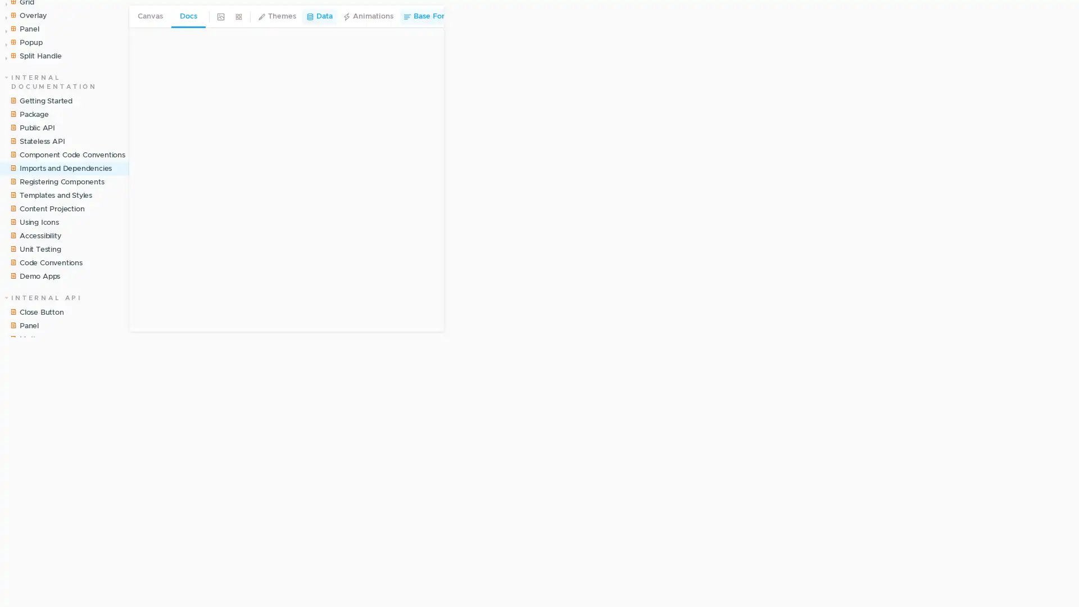 The image size is (1079, 607). I want to click on Base Font, so click(425, 17).